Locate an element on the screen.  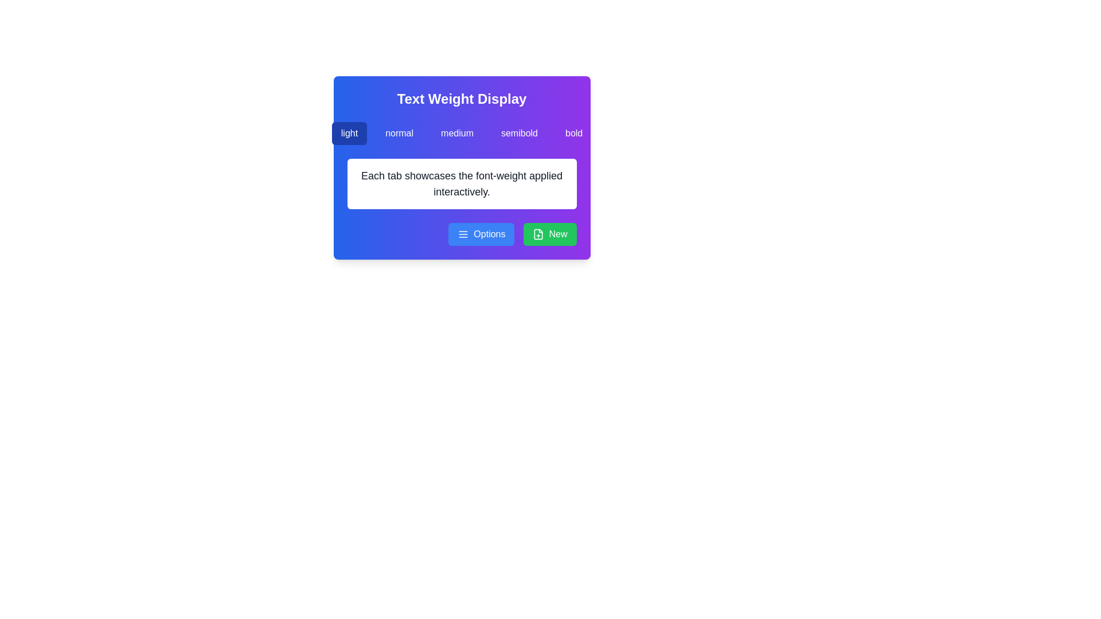
the bold text weight button, which is the fifth button in a row near the top of the interface, located to the right of the semibold button is located at coordinates (574, 132).